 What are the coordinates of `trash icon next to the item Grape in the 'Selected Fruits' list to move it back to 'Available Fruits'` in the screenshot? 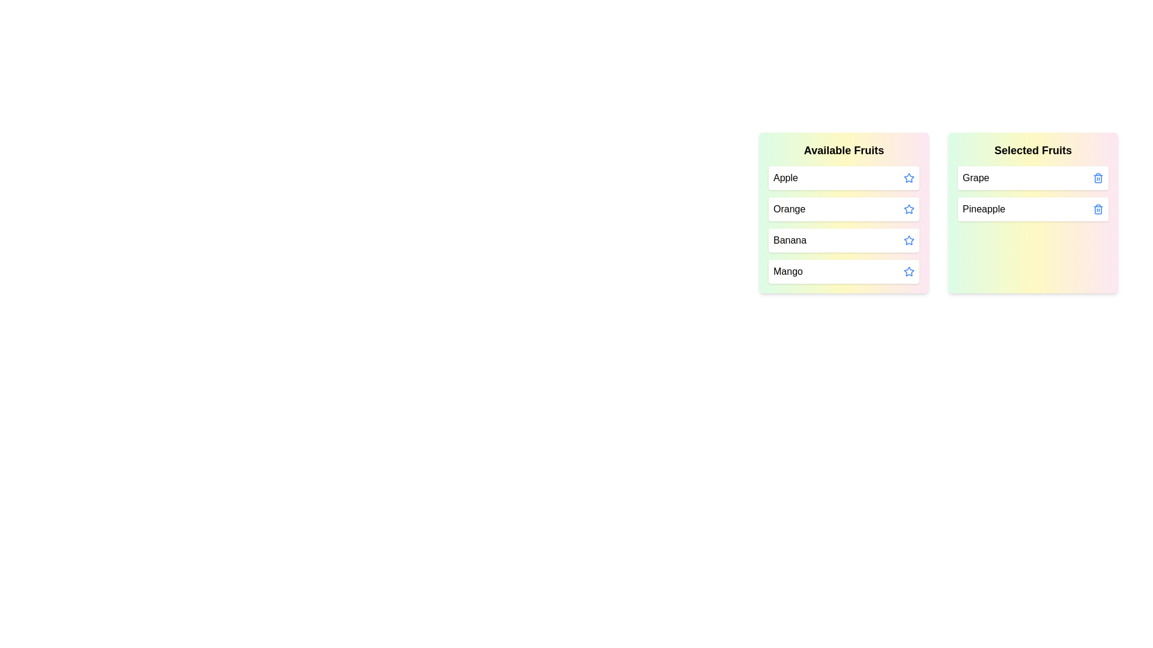 It's located at (1098, 178).